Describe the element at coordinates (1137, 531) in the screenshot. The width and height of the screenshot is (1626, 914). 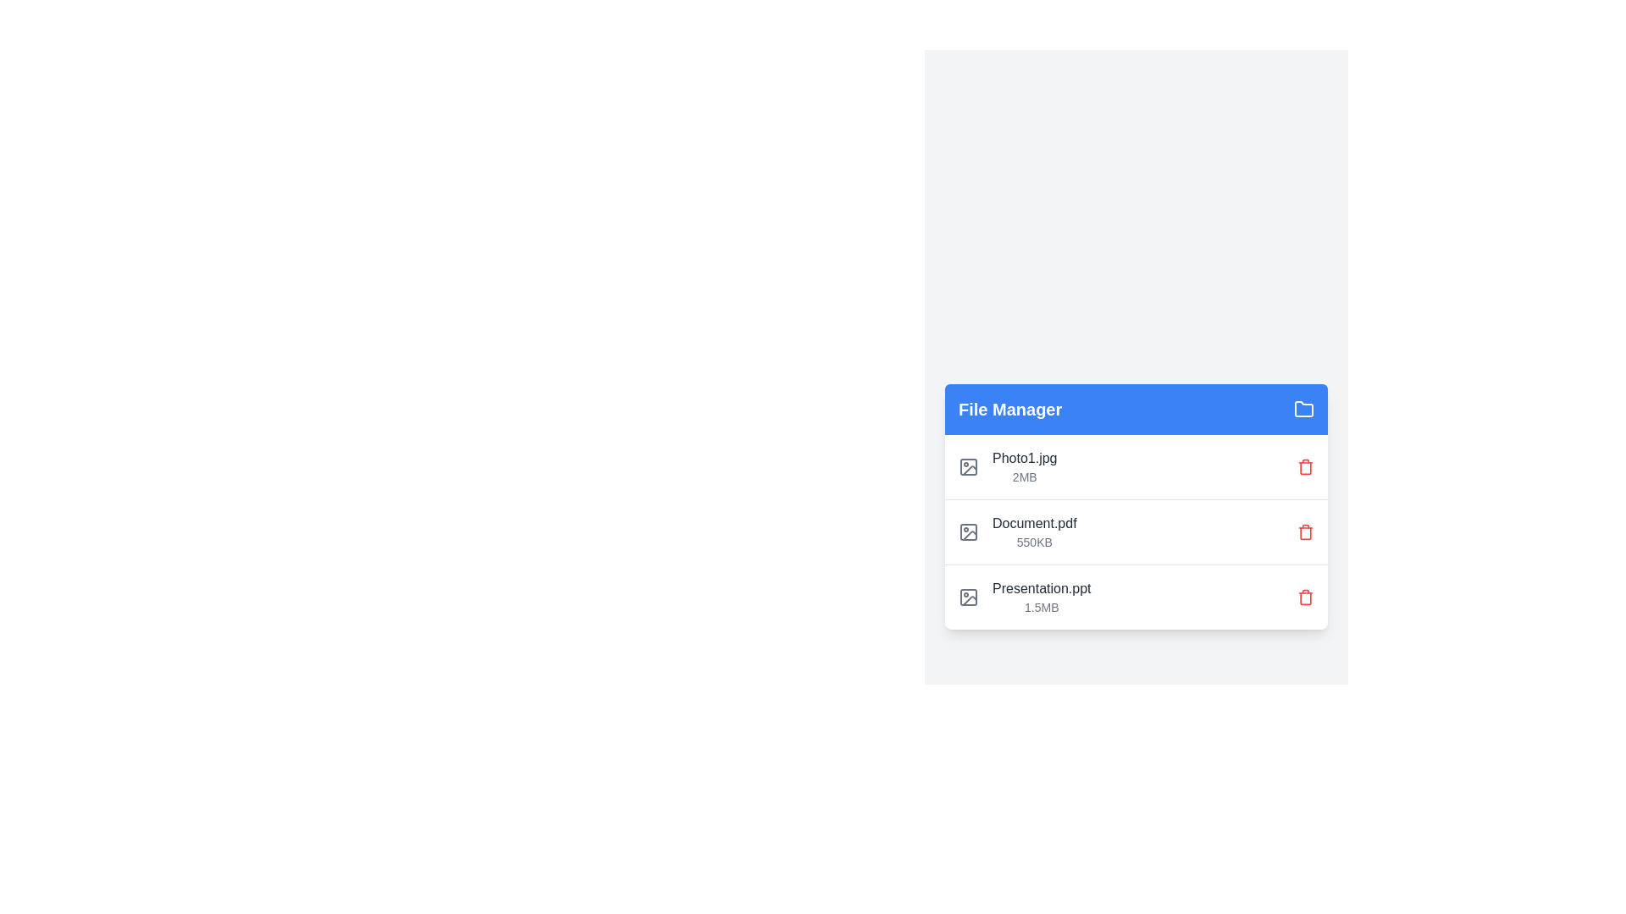
I see `the second list item in the 'File Manager' which represents a file entry` at that location.